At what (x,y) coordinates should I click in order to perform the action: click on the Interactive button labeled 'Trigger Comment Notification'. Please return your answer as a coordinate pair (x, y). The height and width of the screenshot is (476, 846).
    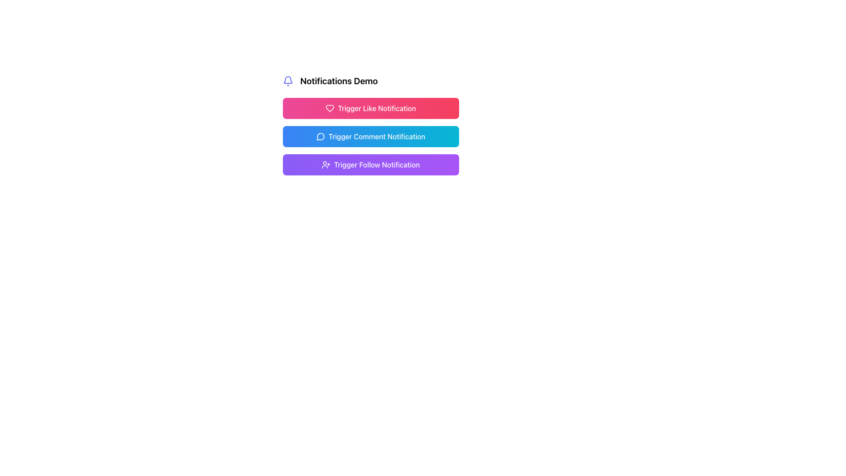
    Looking at the image, I should click on (371, 136).